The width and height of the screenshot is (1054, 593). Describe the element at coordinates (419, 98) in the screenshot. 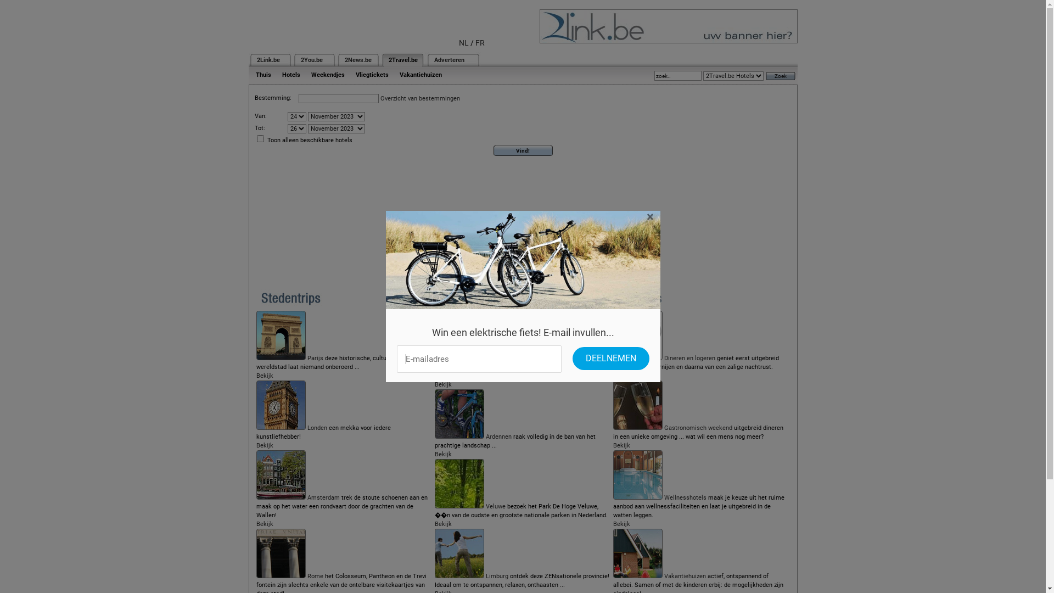

I see `'Overzicht van bestemmingen'` at that location.